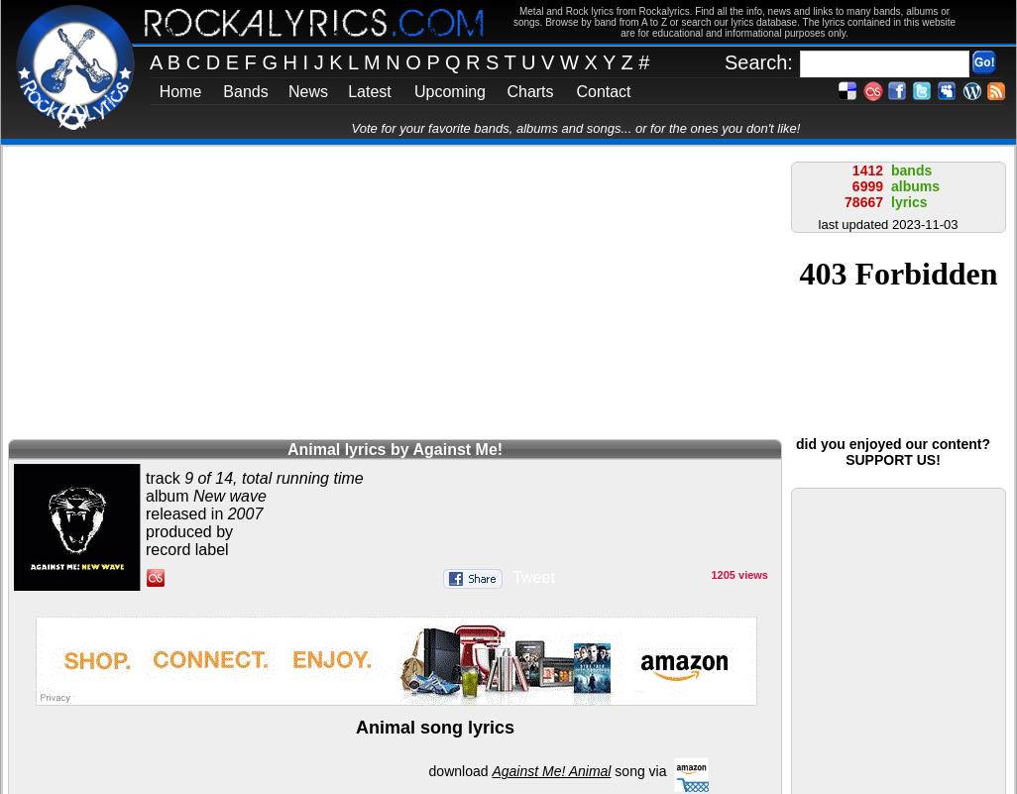 This screenshot has height=794, width=1017. Describe the element at coordinates (892, 452) in the screenshot. I see `'did you enjoyed our content? SUPPORT US!'` at that location.